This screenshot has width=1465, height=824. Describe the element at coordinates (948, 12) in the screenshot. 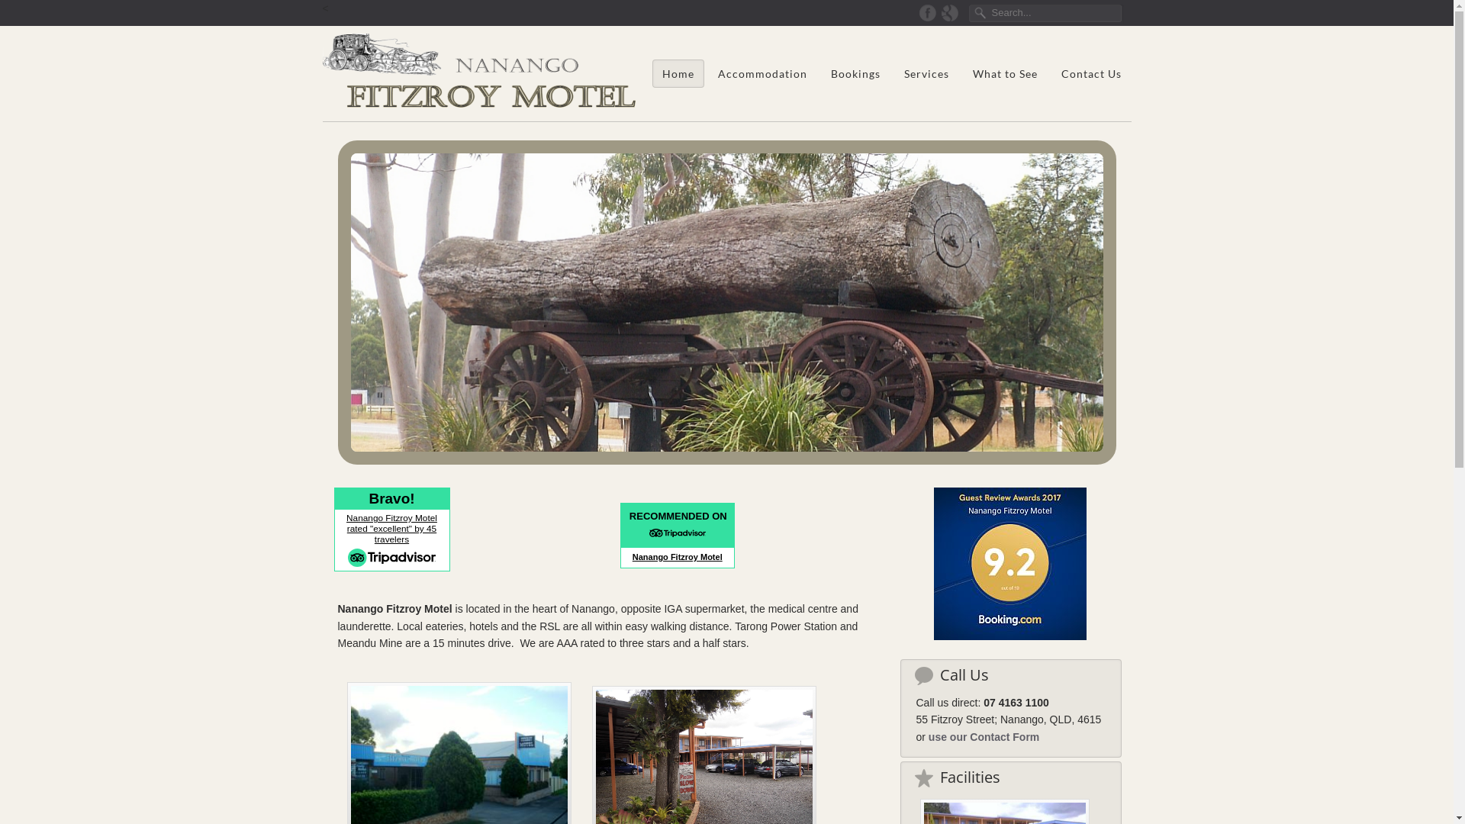

I see `'Google'` at that location.